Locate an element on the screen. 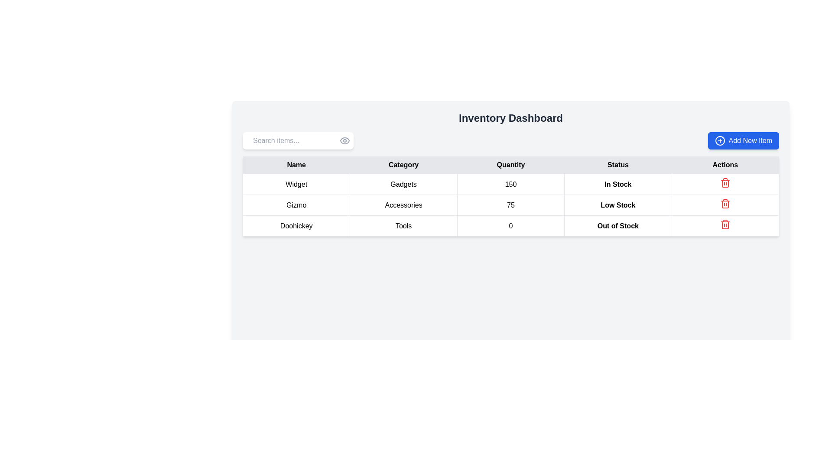 The height and width of the screenshot is (468, 832). the delete icon button associated with the 'Gizmo' product in the inventory layout is located at coordinates (725, 205).